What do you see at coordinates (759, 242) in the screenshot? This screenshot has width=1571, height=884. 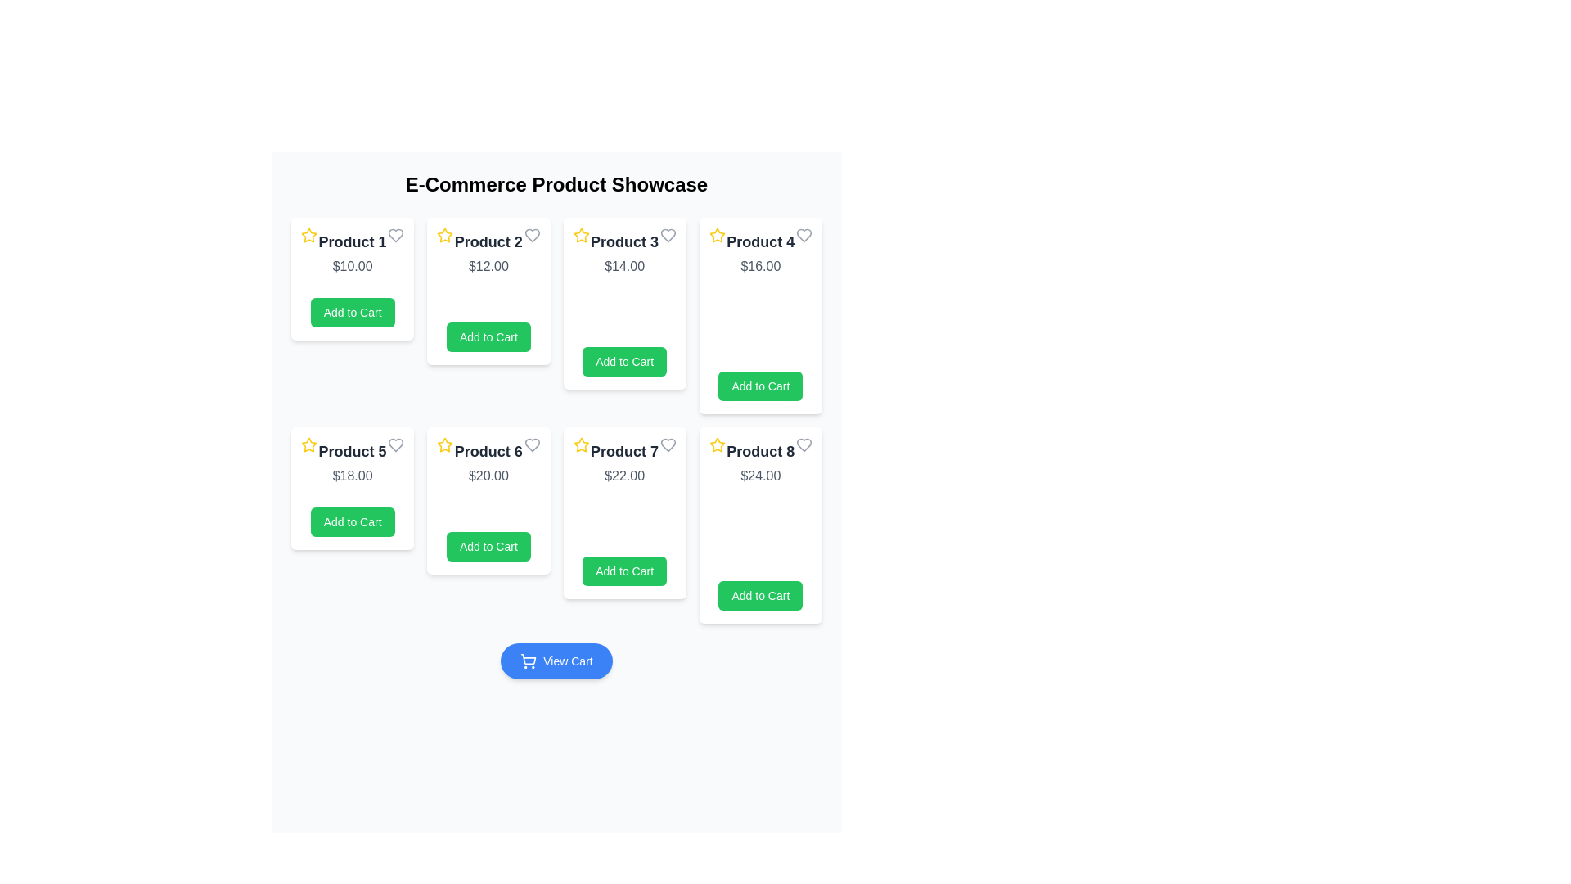 I see `the product name text label located at the top section of the white card in the fourth position of the grid layout, which serves as an identifier for users` at bounding box center [759, 242].